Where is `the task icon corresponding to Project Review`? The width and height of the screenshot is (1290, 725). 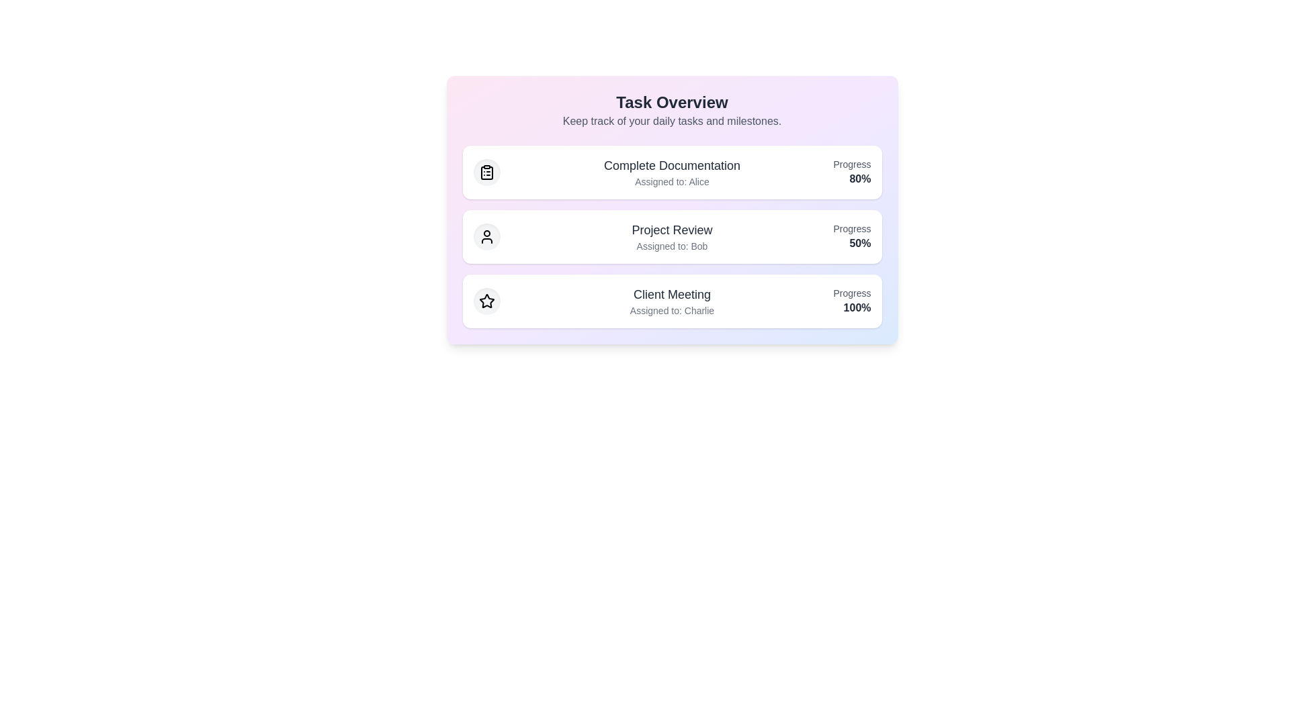 the task icon corresponding to Project Review is located at coordinates (486, 236).